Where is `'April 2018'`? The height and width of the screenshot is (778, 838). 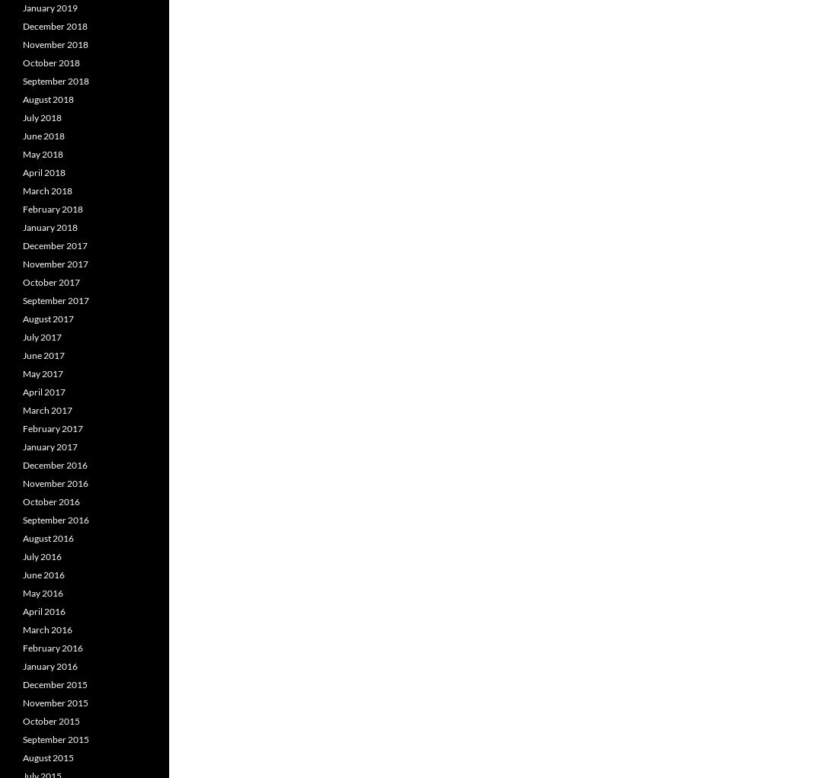
'April 2018' is located at coordinates (43, 172).